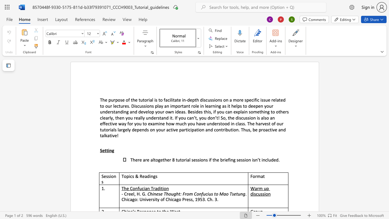 The width and height of the screenshot is (389, 219). Describe the element at coordinates (139, 194) in the screenshot. I see `the space between the continuous character "H" and "." in the text` at that location.